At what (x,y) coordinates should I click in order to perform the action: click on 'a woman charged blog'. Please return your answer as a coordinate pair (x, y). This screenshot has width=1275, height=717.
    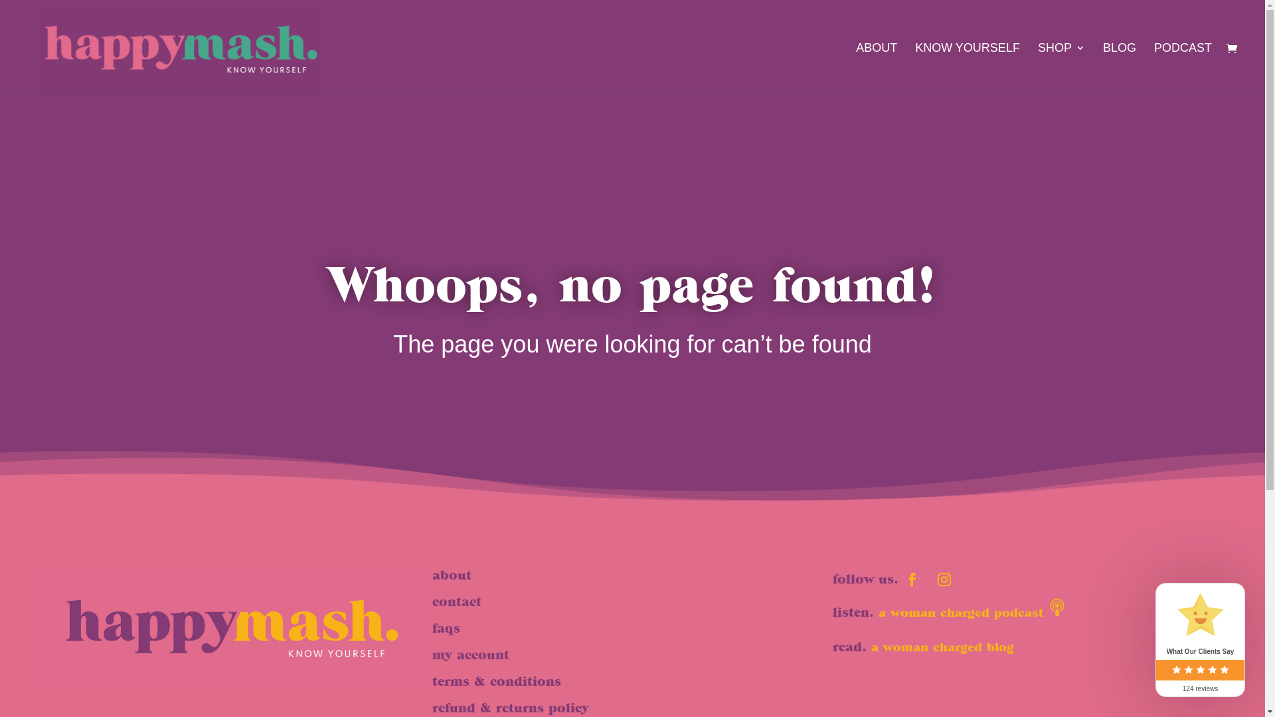
    Looking at the image, I should click on (942, 646).